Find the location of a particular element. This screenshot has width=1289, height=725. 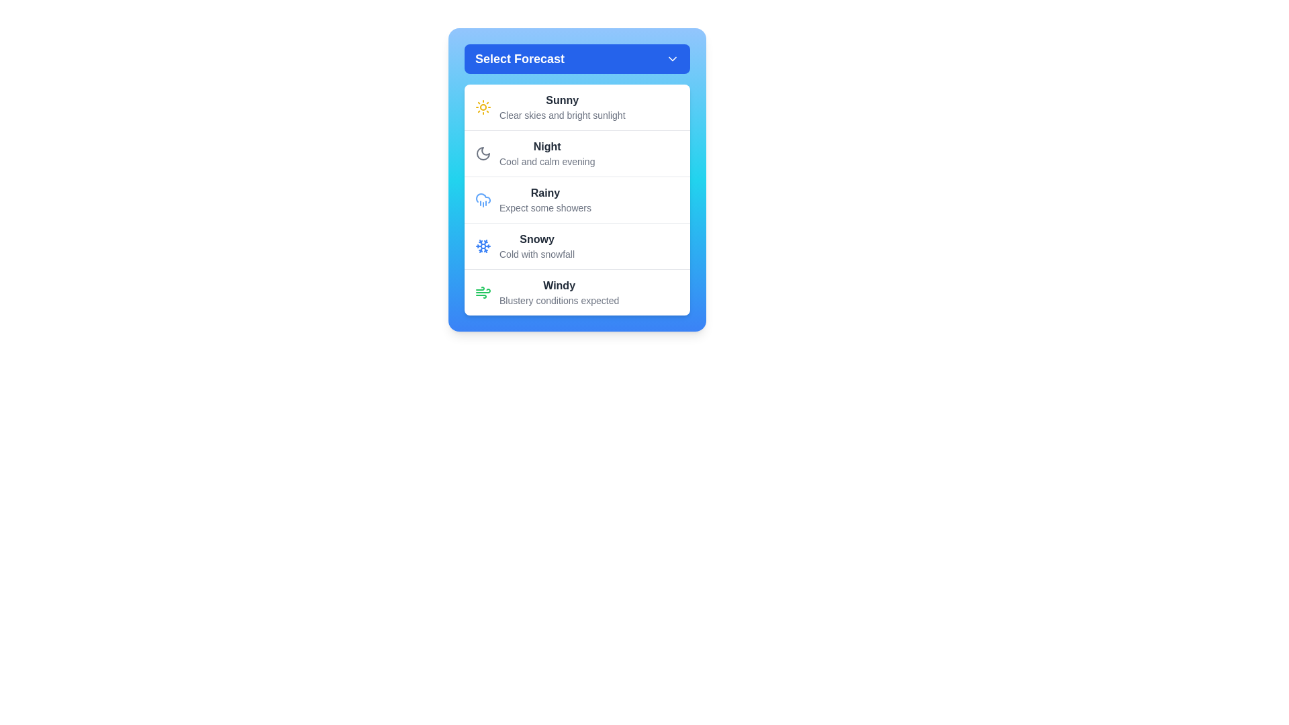

text label for the 'Windy' weather forecast condition, which is located at the bottom of the weather condition item in the vertical list of forecasts is located at coordinates (559, 285).